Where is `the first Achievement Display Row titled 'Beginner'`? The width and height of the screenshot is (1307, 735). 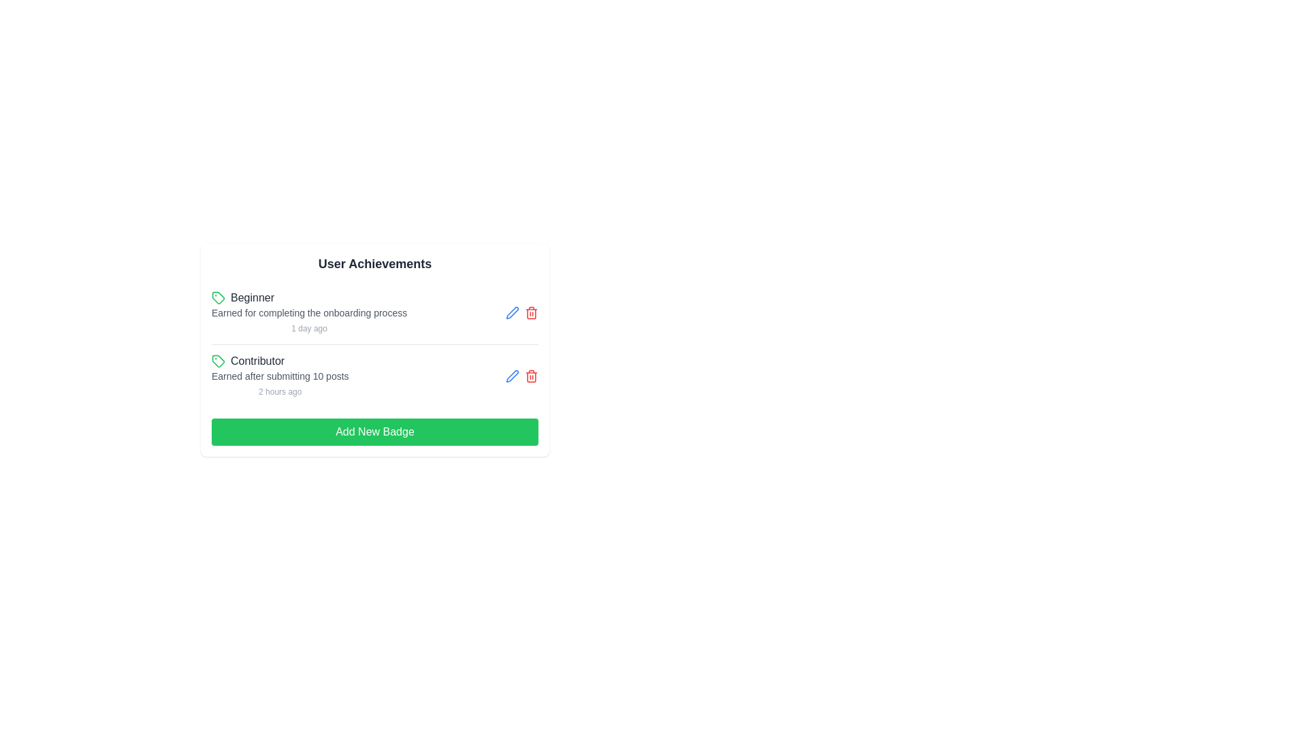
the first Achievement Display Row titled 'Beginner' is located at coordinates (375, 312).